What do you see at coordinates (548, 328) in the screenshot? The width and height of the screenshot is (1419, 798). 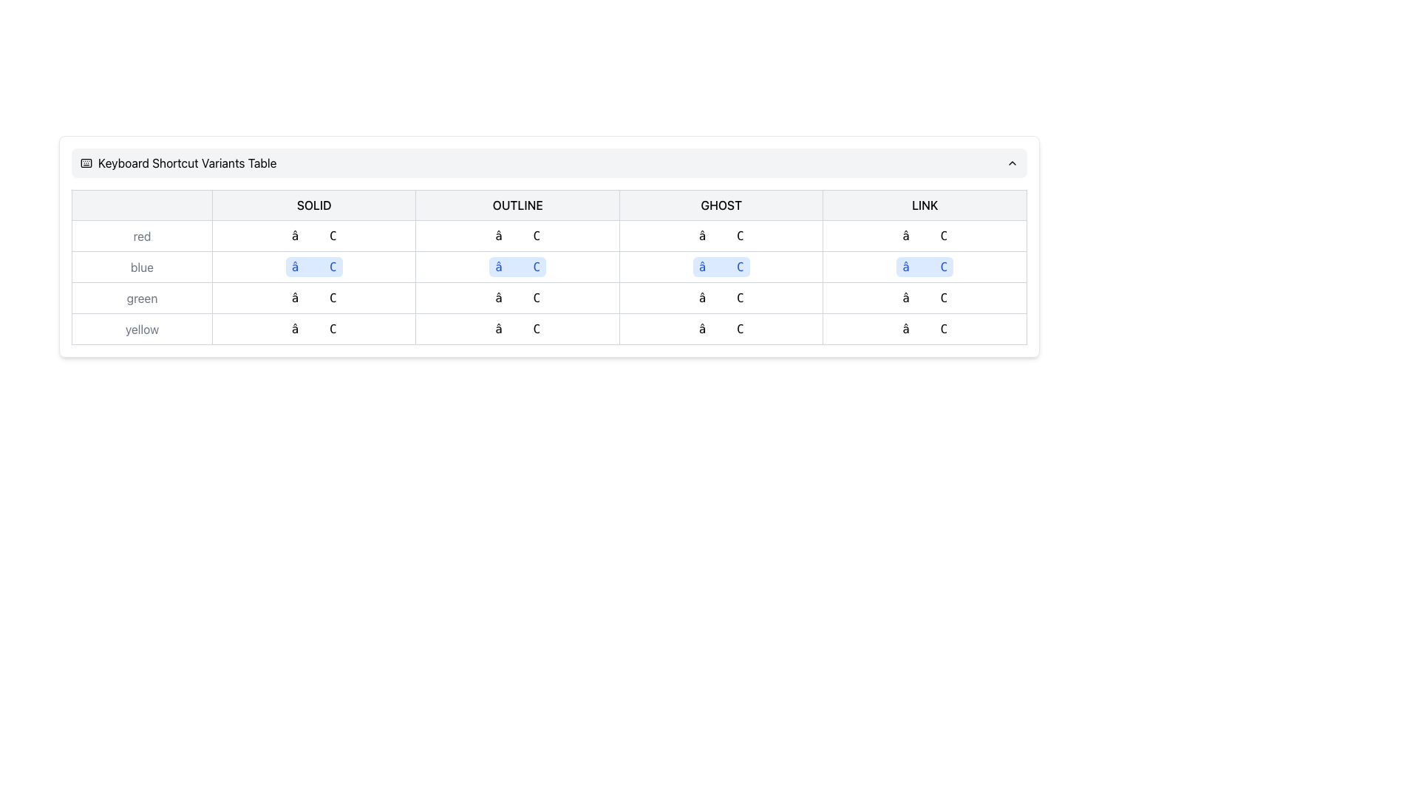 I see `properties of the Table Cell located in the last row under the 'OUTLINE' column, associated with the 'yellow' label` at bounding box center [548, 328].